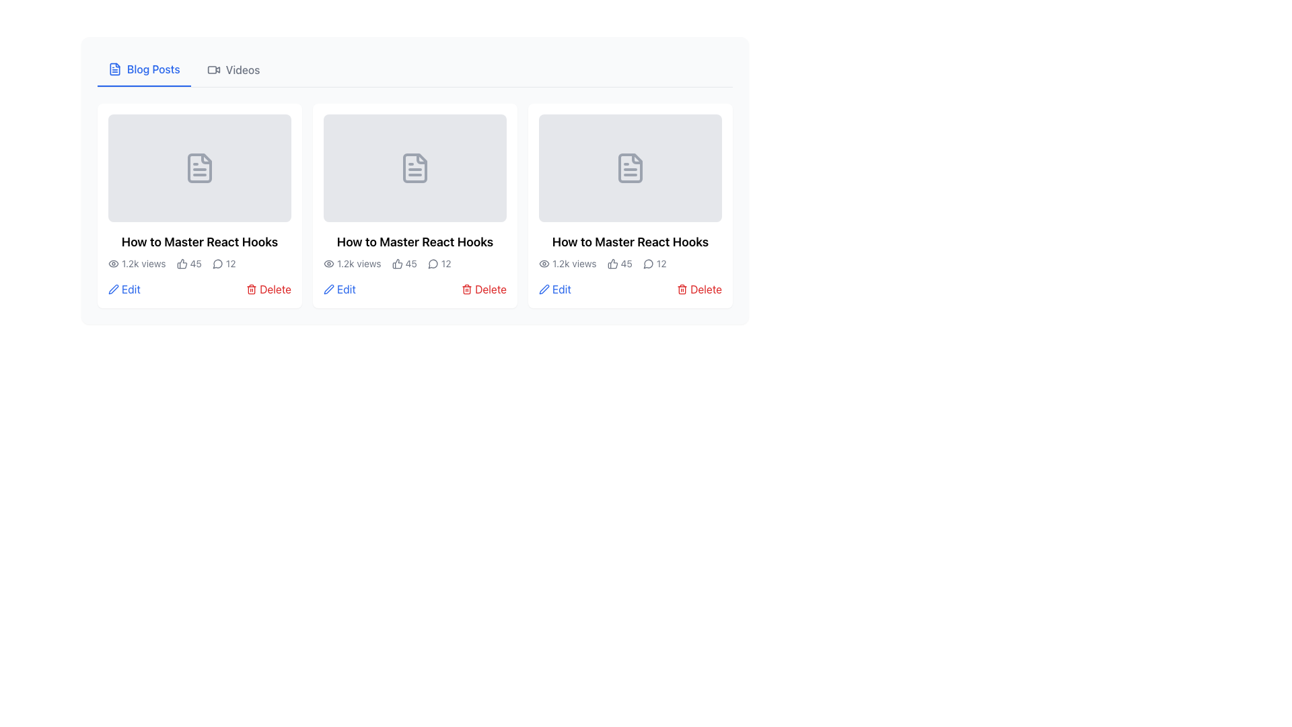 The height and width of the screenshot is (727, 1292). Describe the element at coordinates (544, 264) in the screenshot. I see `the eye-shaped icon representing view count, which is greyish in color and positioned to the left of the '1.2k views' text label` at that location.